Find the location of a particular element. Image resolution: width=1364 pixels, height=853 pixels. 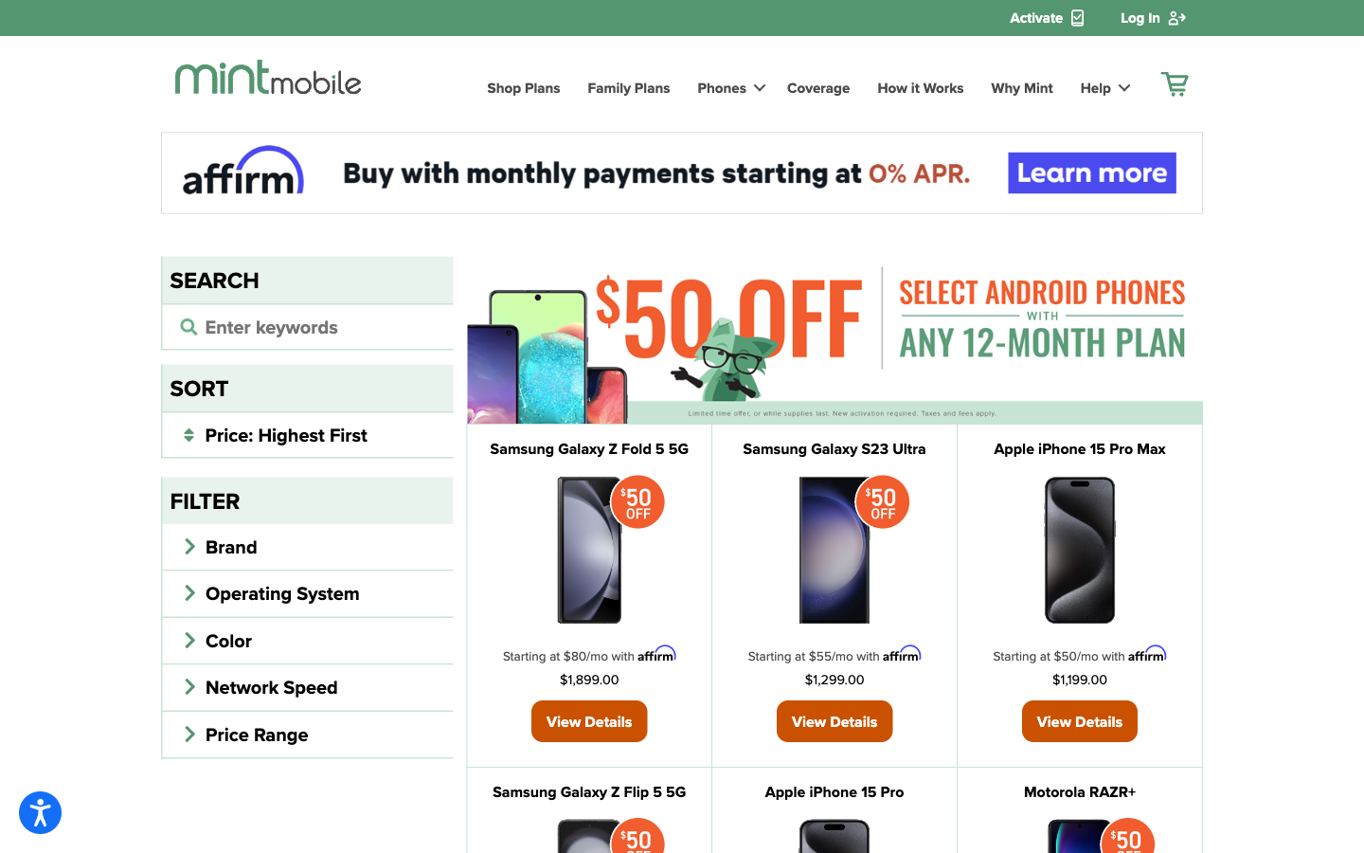

Change filter category is located at coordinates (307, 433).